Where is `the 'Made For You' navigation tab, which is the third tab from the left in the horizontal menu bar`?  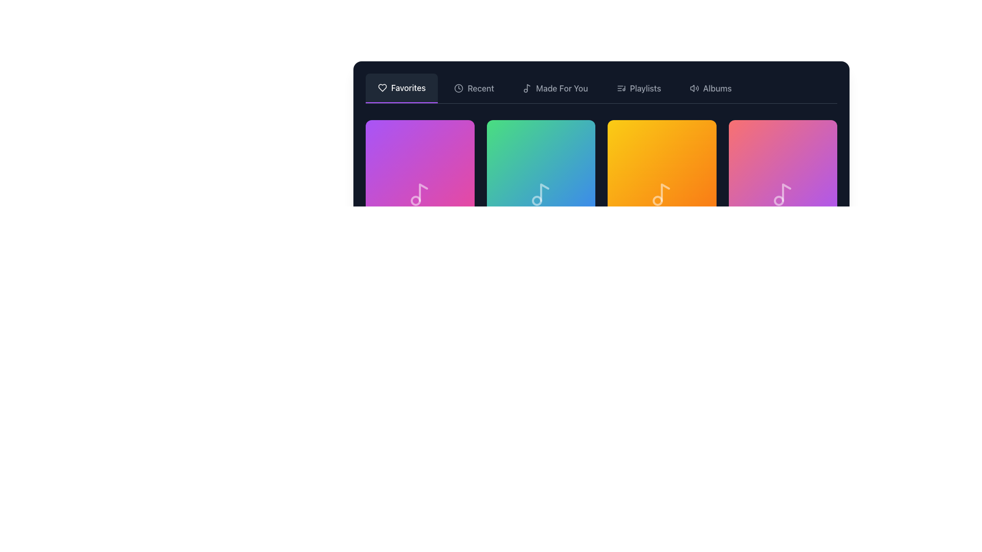 the 'Made For You' navigation tab, which is the third tab from the left in the horizontal menu bar is located at coordinates (554, 88).